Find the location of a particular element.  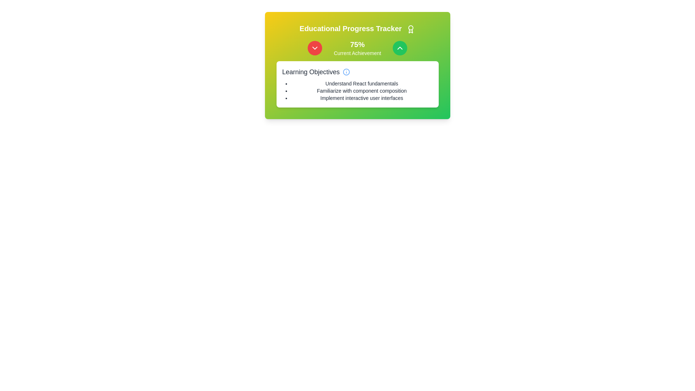

the chevron icon embedded in the circular button located in the upper left section of the 'Educational Progress Tracker' card is located at coordinates (315, 48).